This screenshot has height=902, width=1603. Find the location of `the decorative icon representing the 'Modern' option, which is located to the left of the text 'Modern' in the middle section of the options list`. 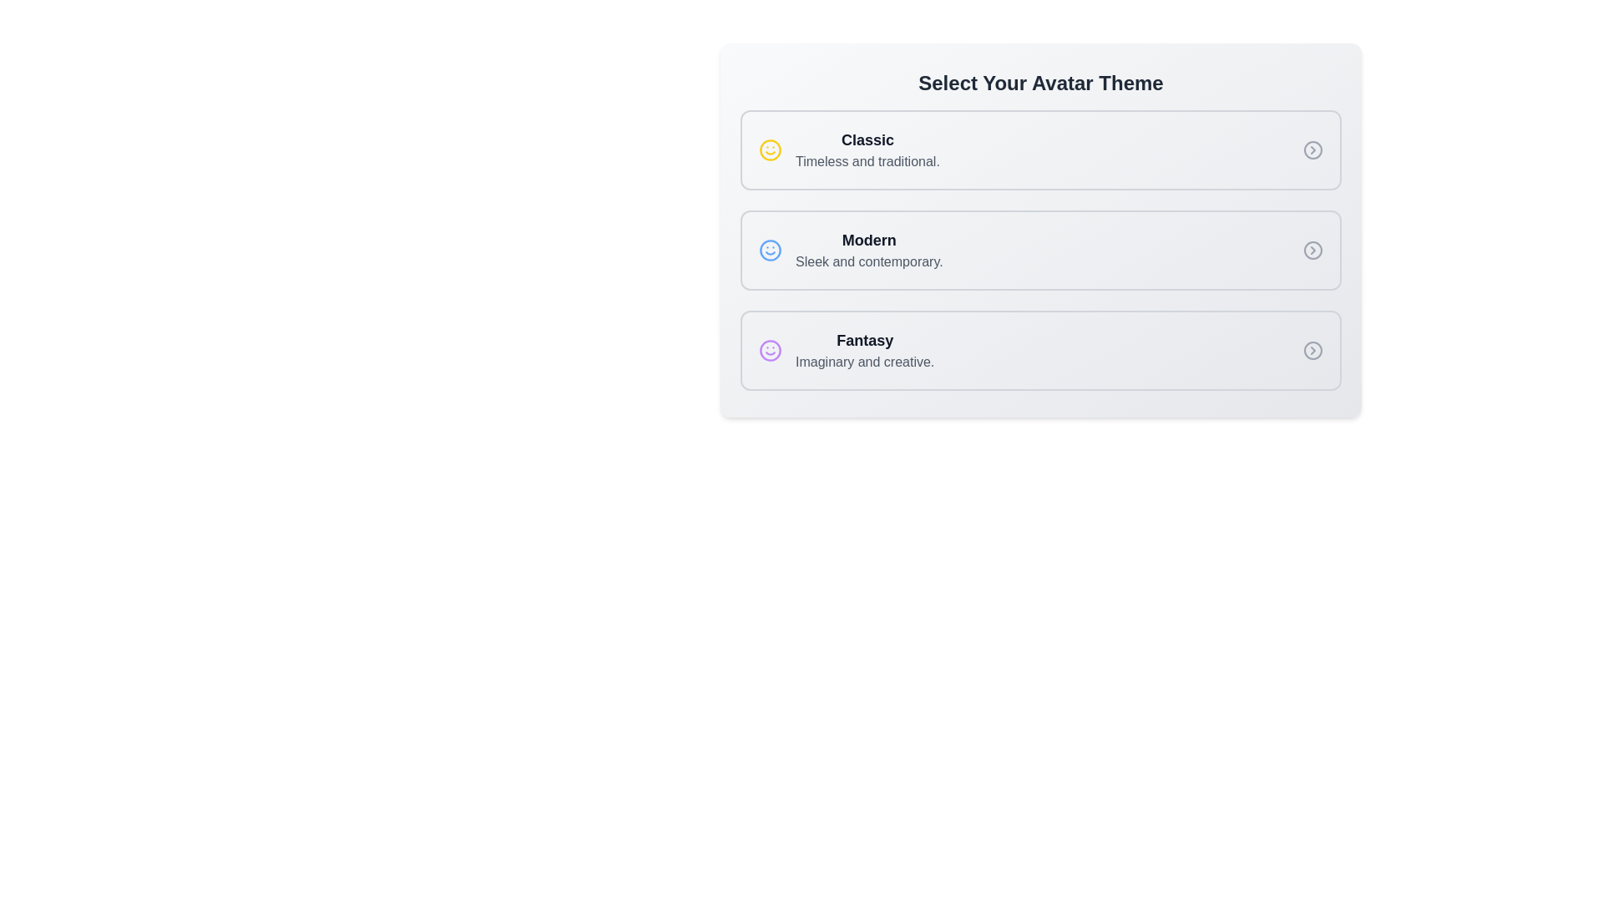

the decorative icon representing the 'Modern' option, which is located to the left of the text 'Modern' in the middle section of the options list is located at coordinates (769, 251).